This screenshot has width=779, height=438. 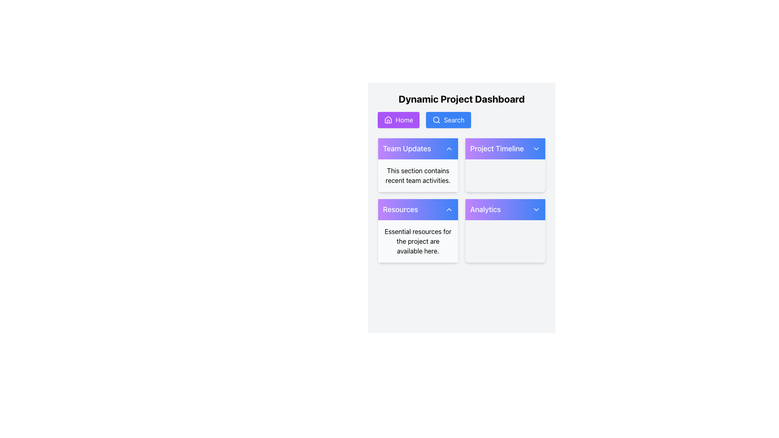 I want to click on the blue rounded rectangle button labeled 'Search' that contains a magnifying glass icon, so click(x=448, y=120).